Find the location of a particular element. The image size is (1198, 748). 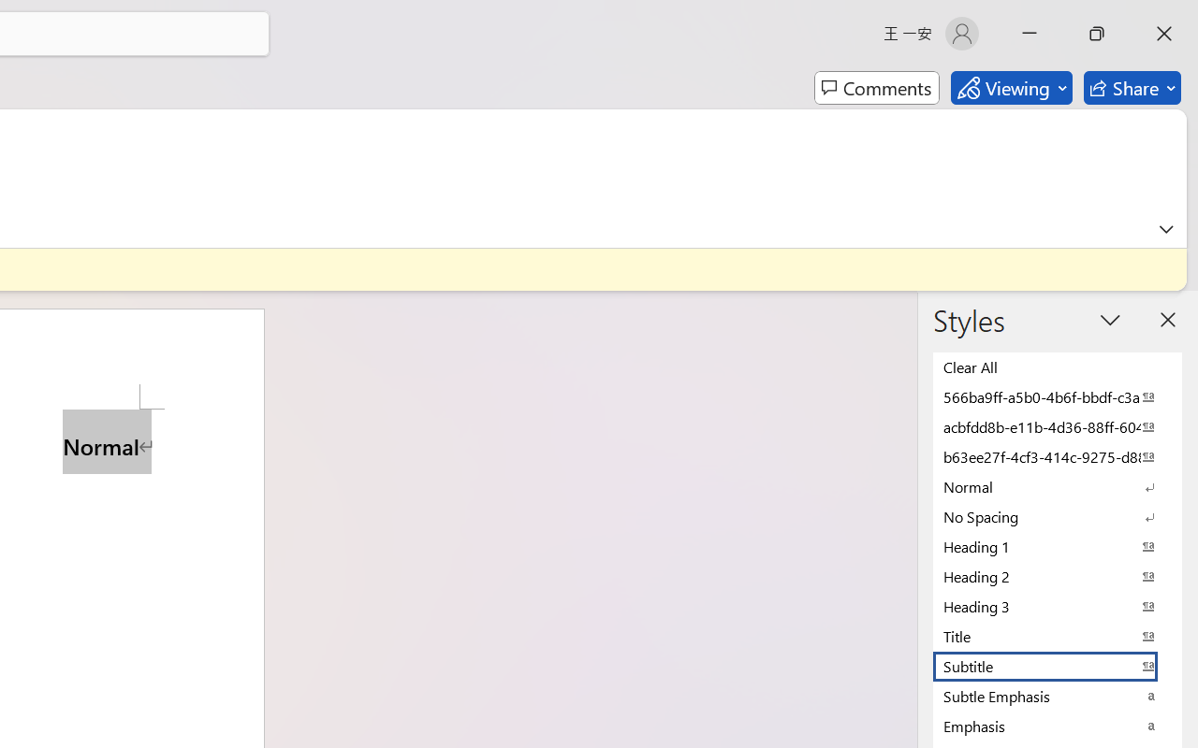

'No Spacing' is located at coordinates (1058, 516).